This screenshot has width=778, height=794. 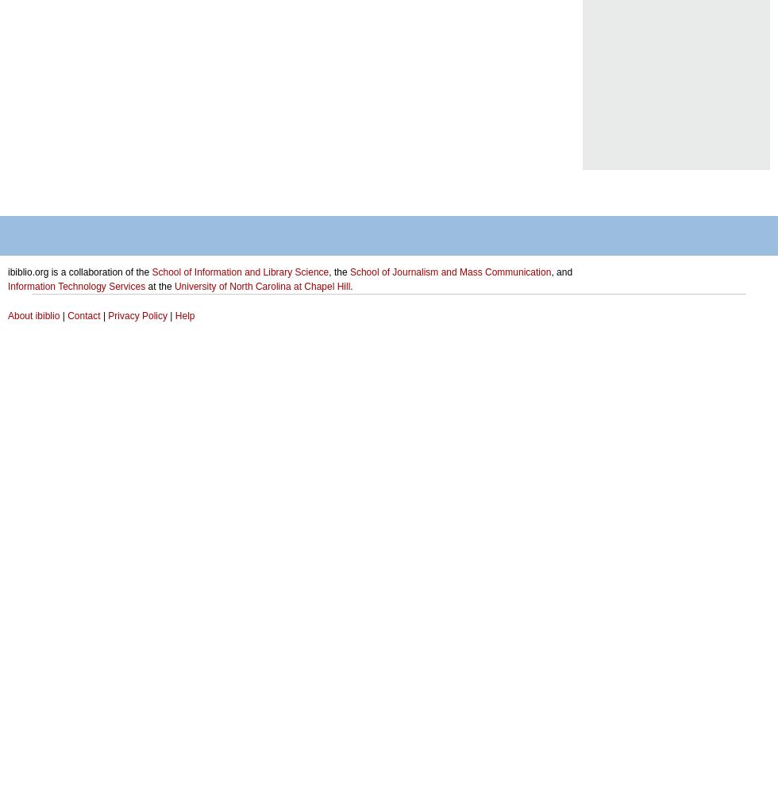 I want to click on 'About ibiblio', so click(x=33, y=316).